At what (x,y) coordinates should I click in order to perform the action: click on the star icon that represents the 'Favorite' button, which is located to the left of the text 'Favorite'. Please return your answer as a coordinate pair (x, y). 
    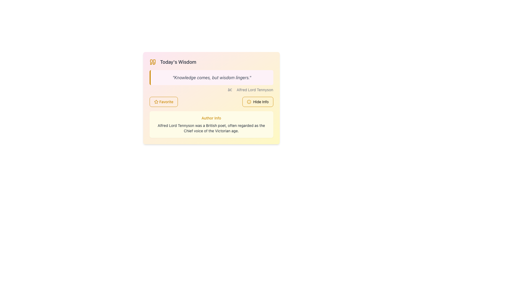
    Looking at the image, I should click on (156, 102).